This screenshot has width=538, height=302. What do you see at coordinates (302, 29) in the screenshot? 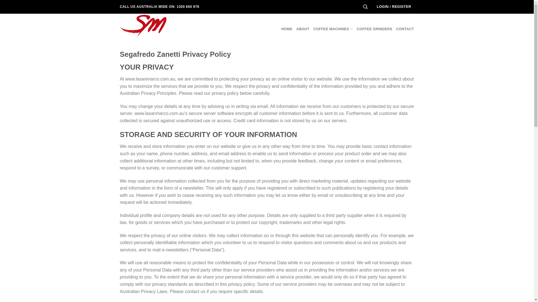
I see `'ABOUT'` at bounding box center [302, 29].